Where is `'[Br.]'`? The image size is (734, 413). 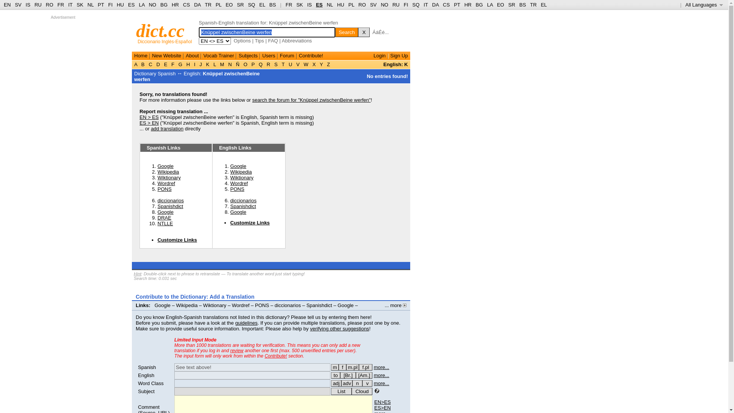 '[Br.]' is located at coordinates (348, 375).